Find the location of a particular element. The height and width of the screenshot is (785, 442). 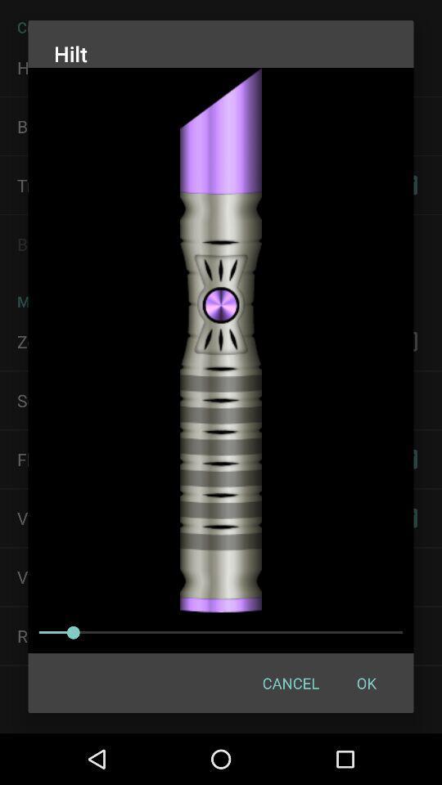

item at the bottom right corner is located at coordinates (366, 683).